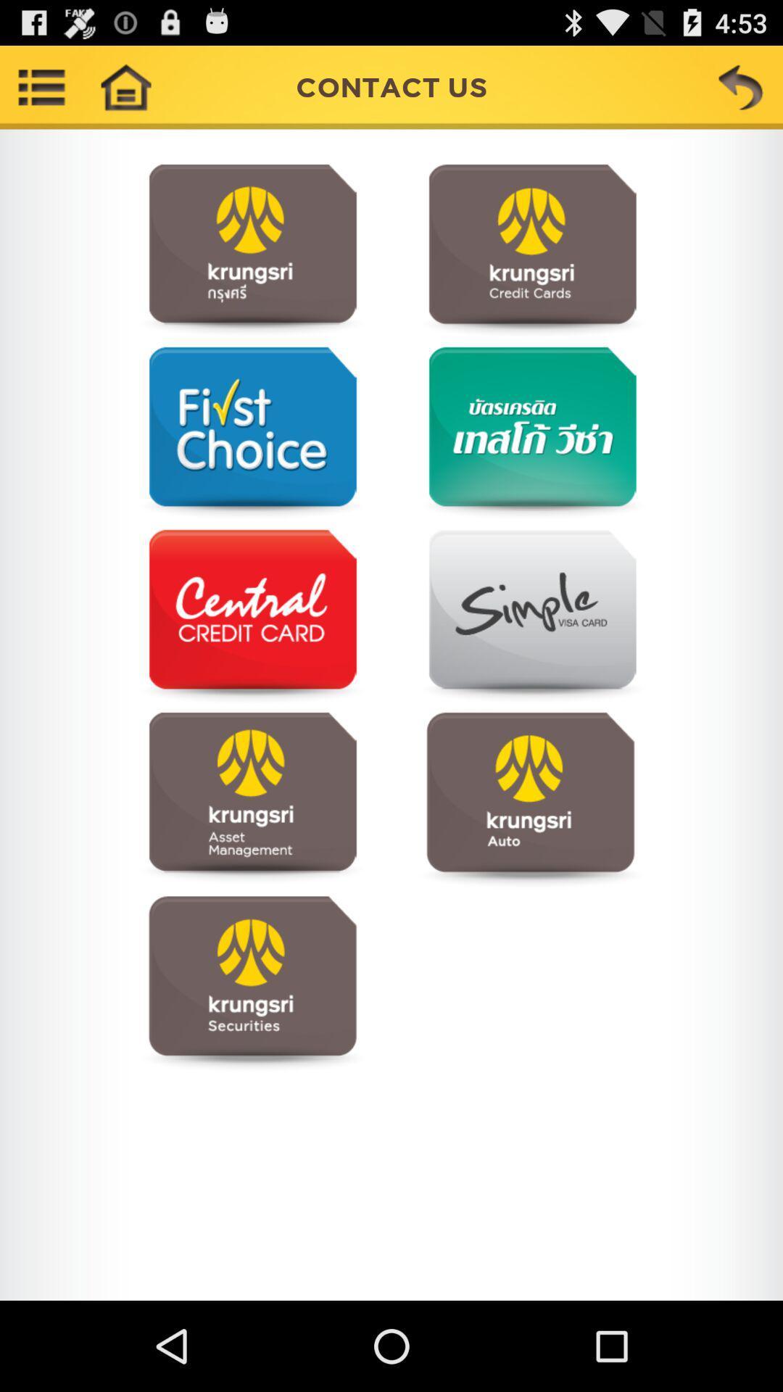 The height and width of the screenshot is (1392, 783). Describe the element at coordinates (530, 798) in the screenshot. I see `open auto` at that location.